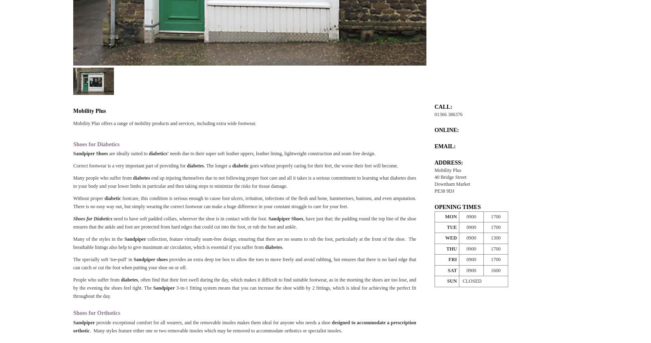 This screenshot has width=651, height=343. What do you see at coordinates (164, 123) in the screenshot?
I see `'Mobility Plus offers a range of mobility products and services, including extra wide footwear.'` at bounding box center [164, 123].